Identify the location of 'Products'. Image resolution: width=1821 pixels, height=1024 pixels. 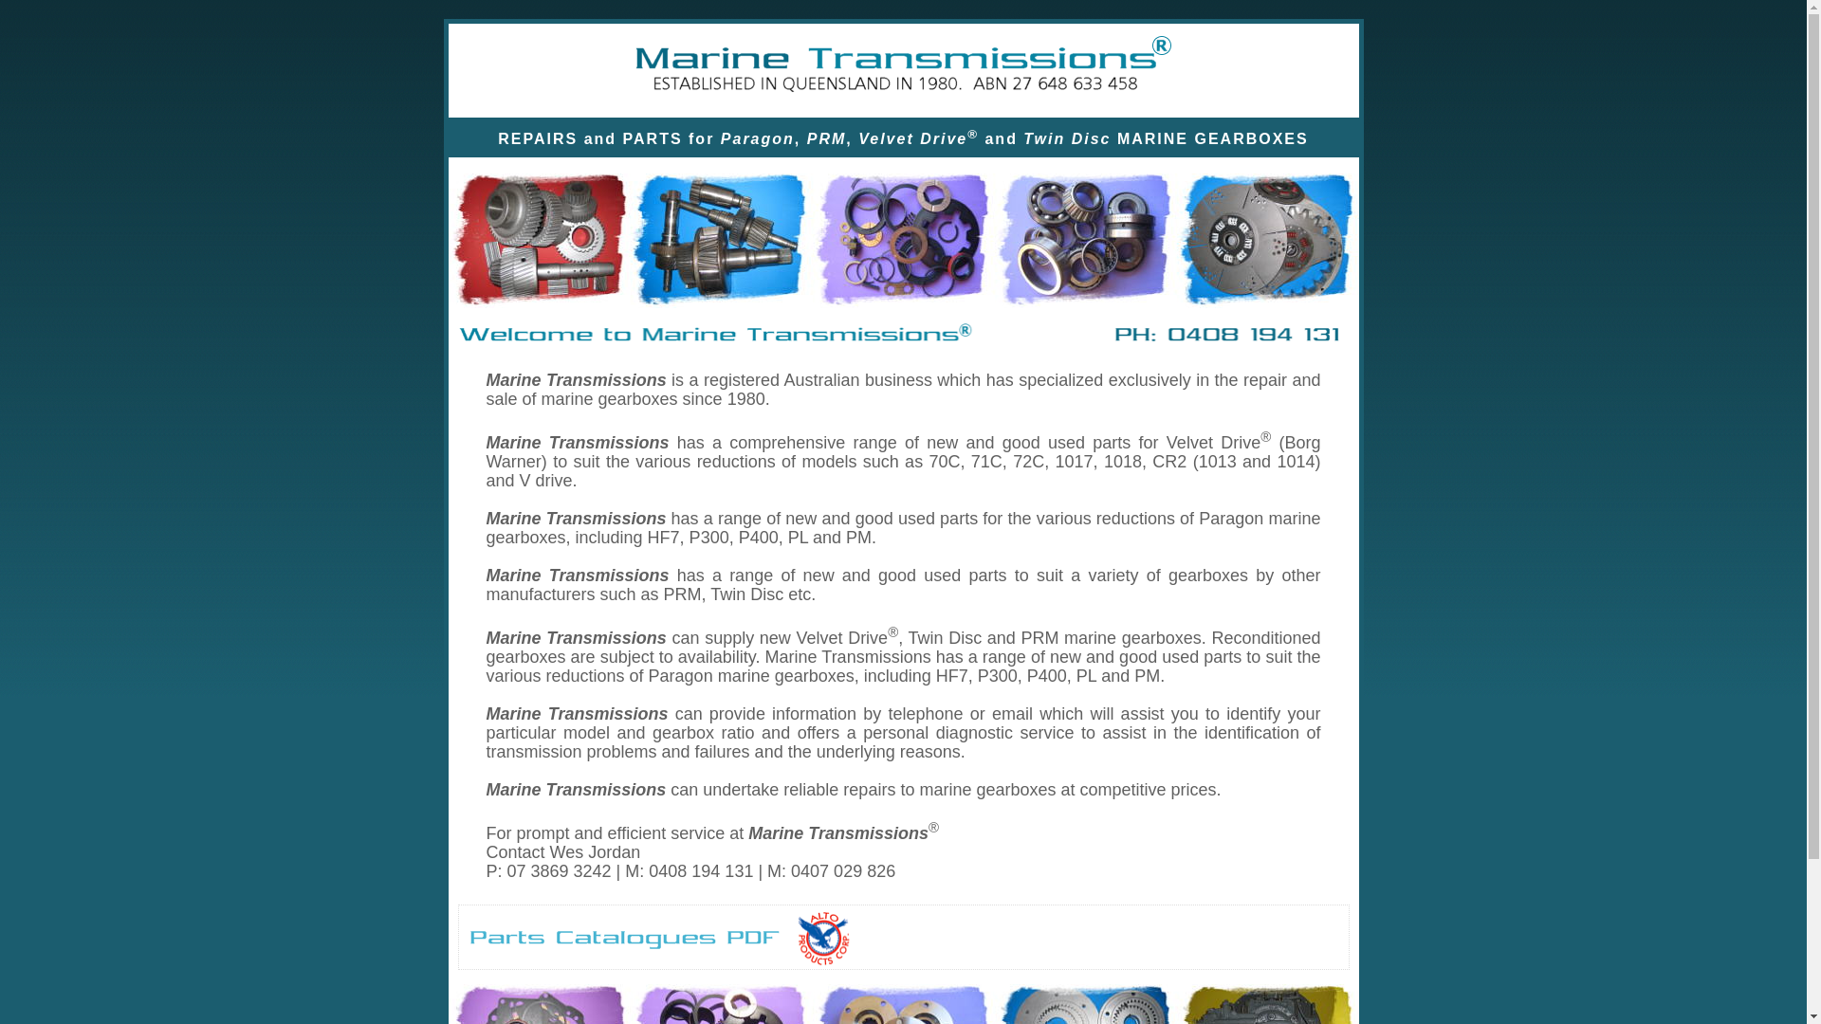
(901, 236).